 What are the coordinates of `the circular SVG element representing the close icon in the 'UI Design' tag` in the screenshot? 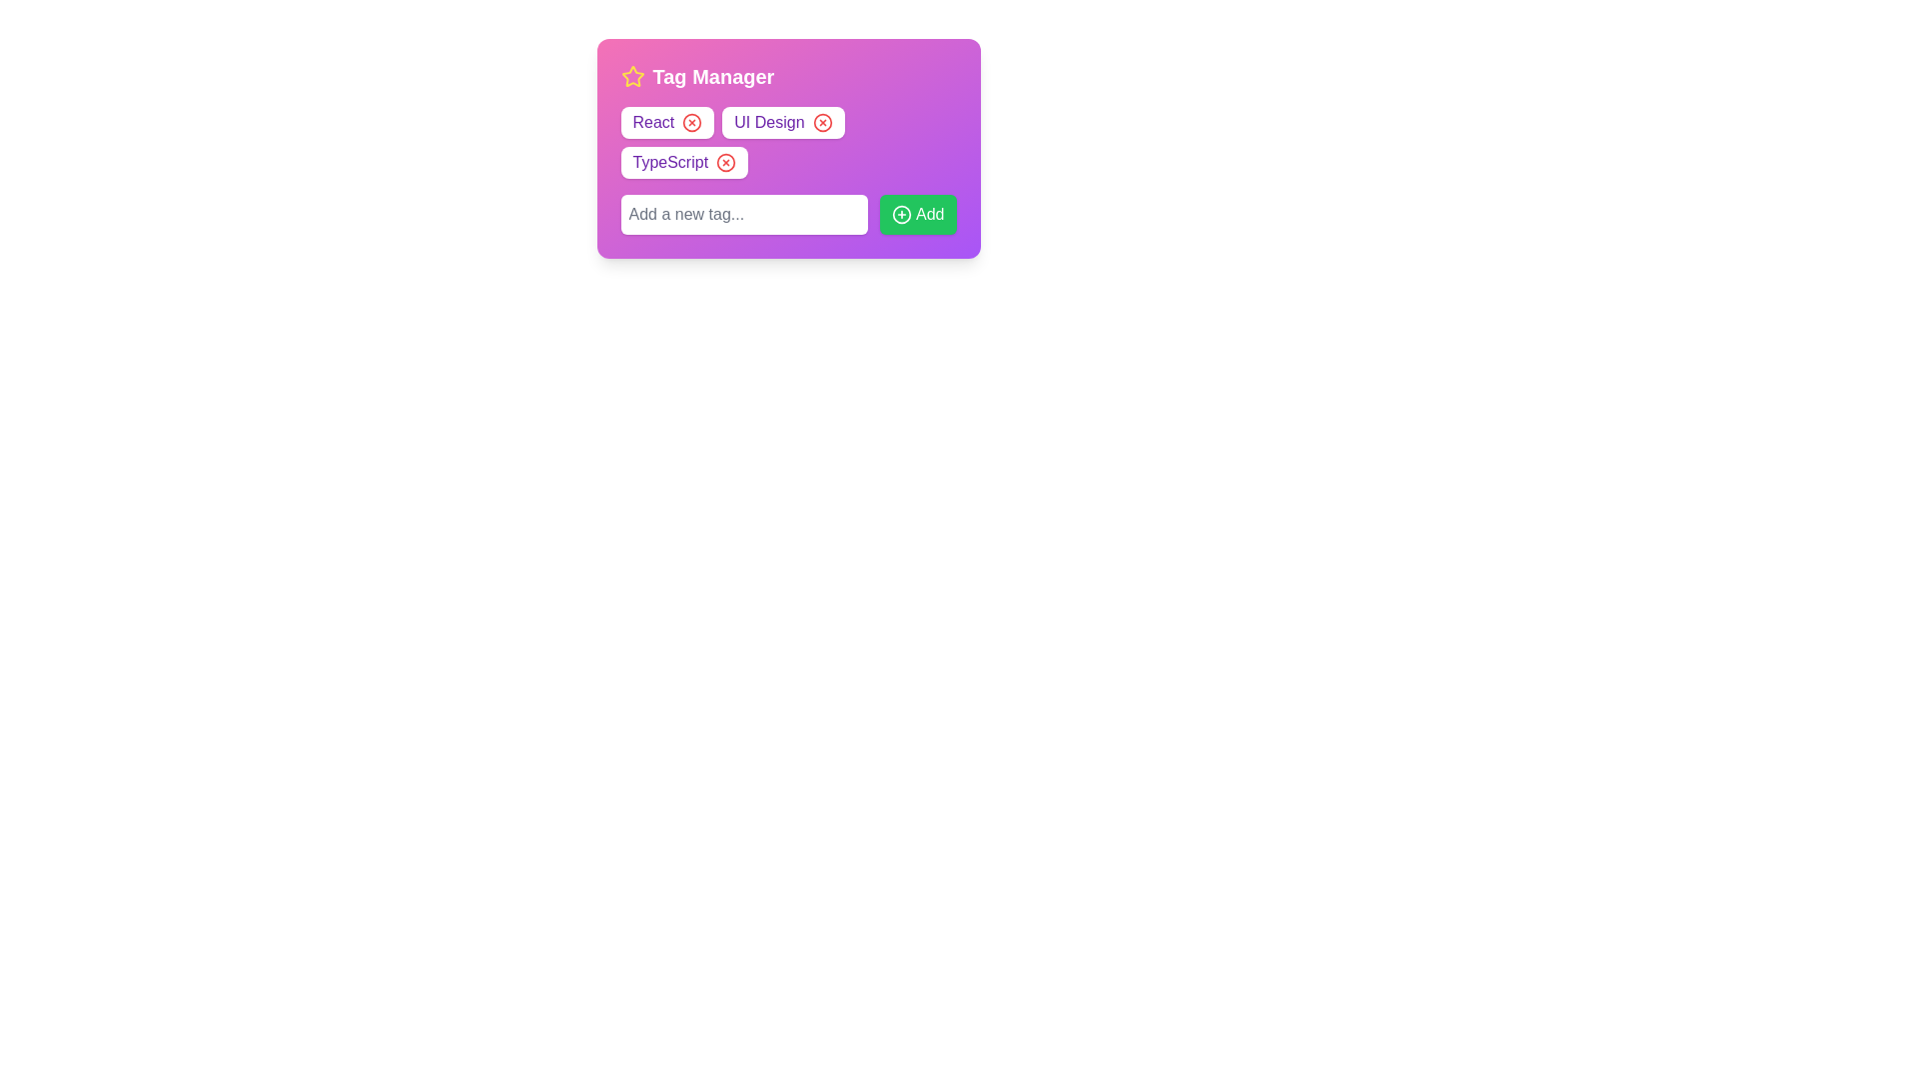 It's located at (822, 123).